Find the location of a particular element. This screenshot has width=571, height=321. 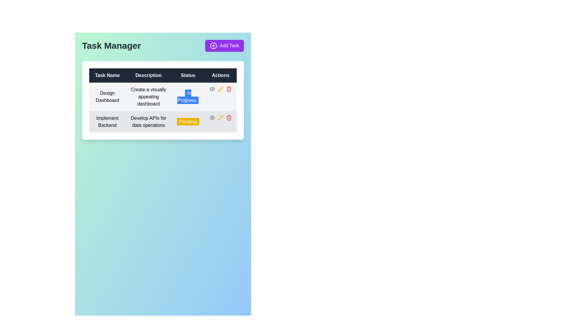

the 'View' action button located in the 'Actions' column of the second row in the table is located at coordinates (212, 89).